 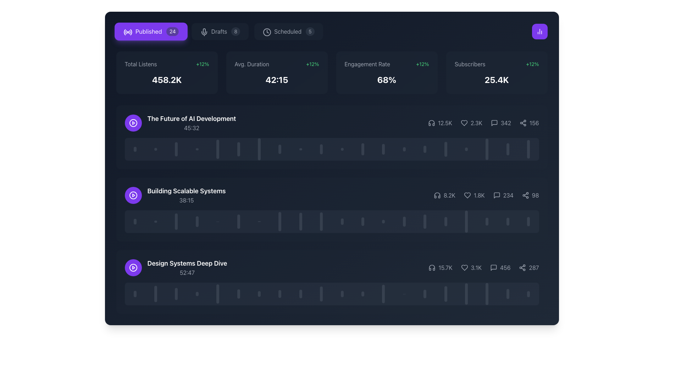 I want to click on the 13th vertically-oriented gray progress bar segment with rounded ends, which is taller than the surrounding bars in the third section of the interface, so click(x=383, y=294).